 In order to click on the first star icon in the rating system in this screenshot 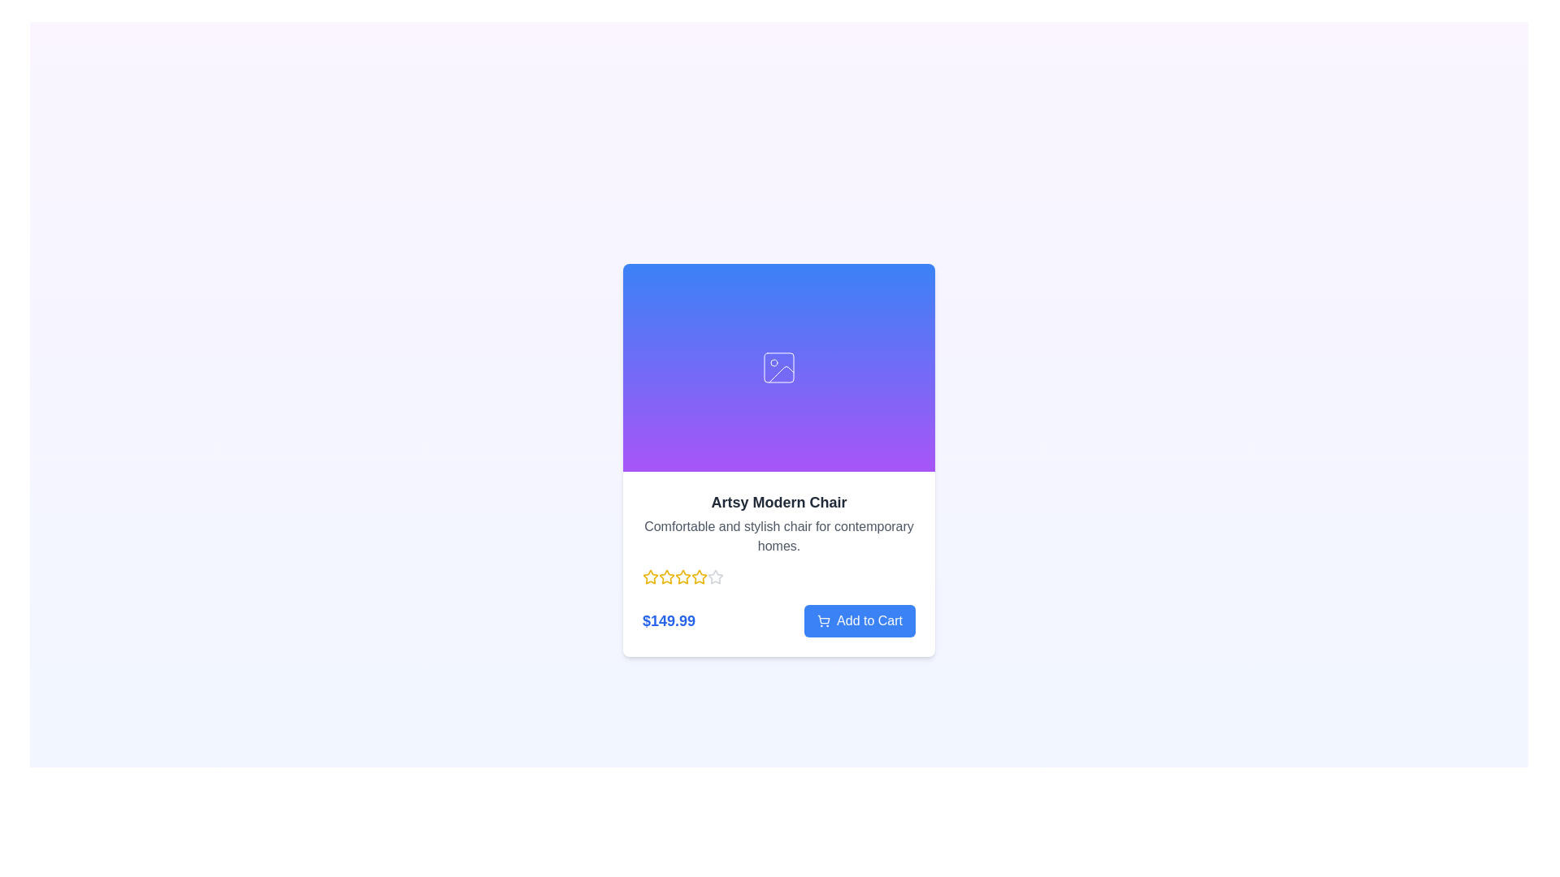, I will do `click(650, 575)`.